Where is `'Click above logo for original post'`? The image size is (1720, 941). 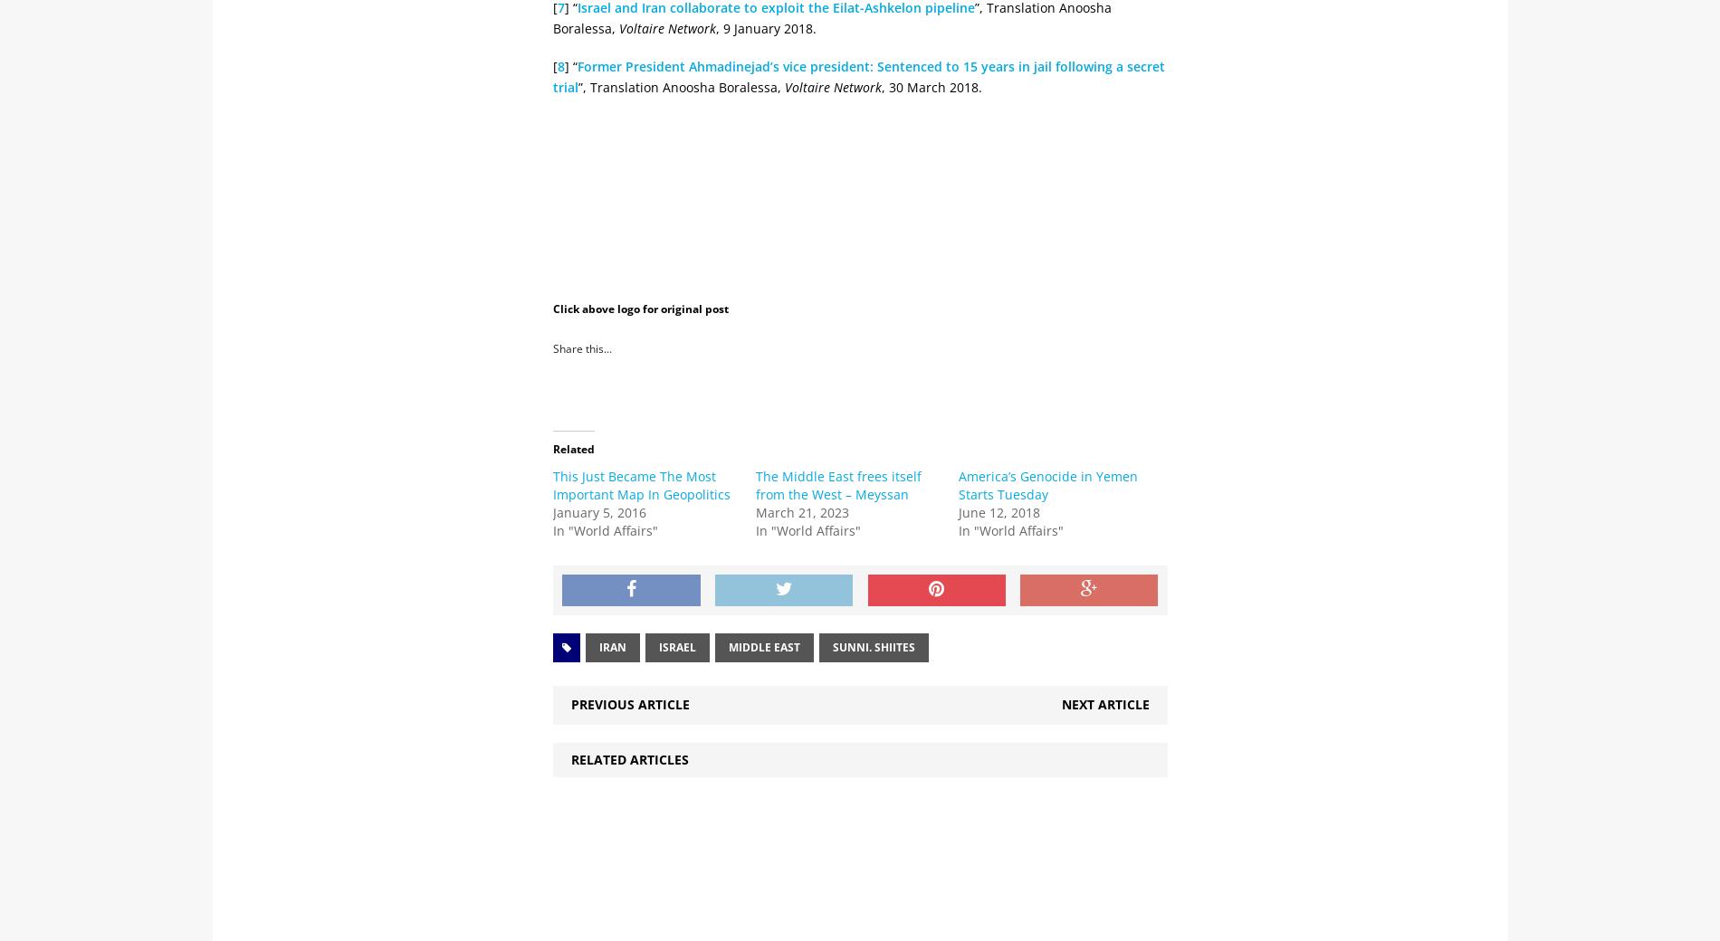
'Click above logo for original post' is located at coordinates (640, 308).